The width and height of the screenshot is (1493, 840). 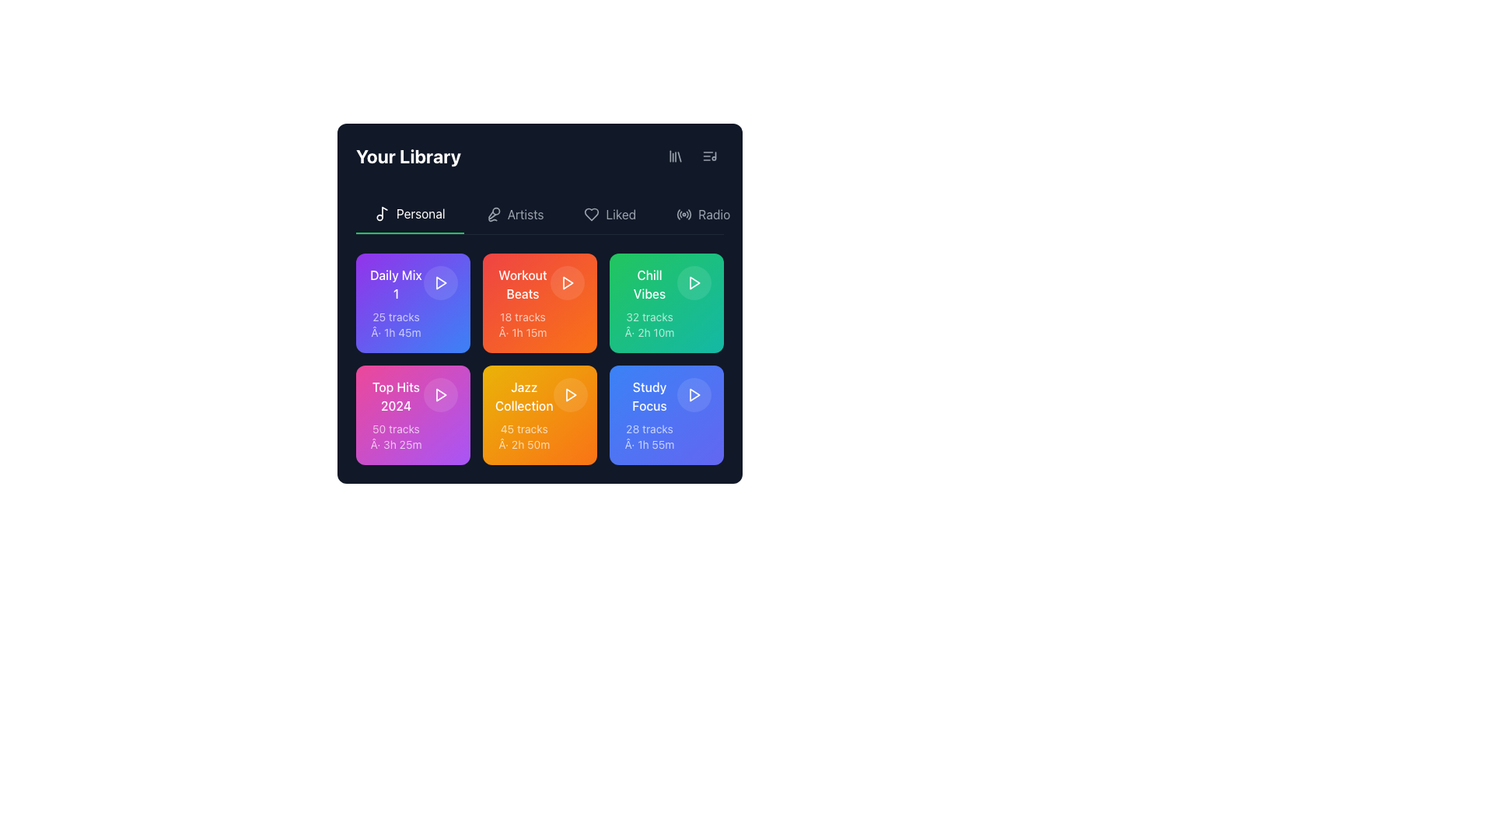 I want to click on the 'Chill Vibes' informational tile, which displays 'Chill Vibes' in bold white text on a green background, so click(x=649, y=303).